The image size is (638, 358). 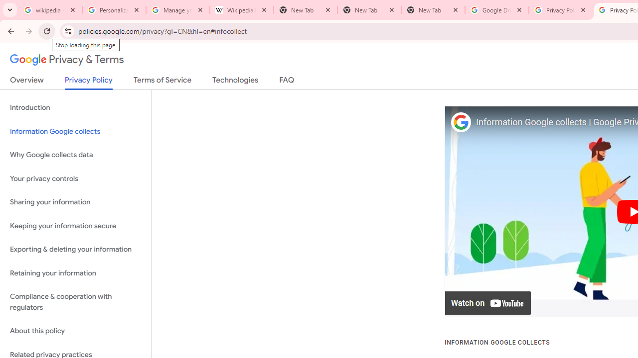 What do you see at coordinates (75, 273) in the screenshot?
I see `'Retaining your information'` at bounding box center [75, 273].